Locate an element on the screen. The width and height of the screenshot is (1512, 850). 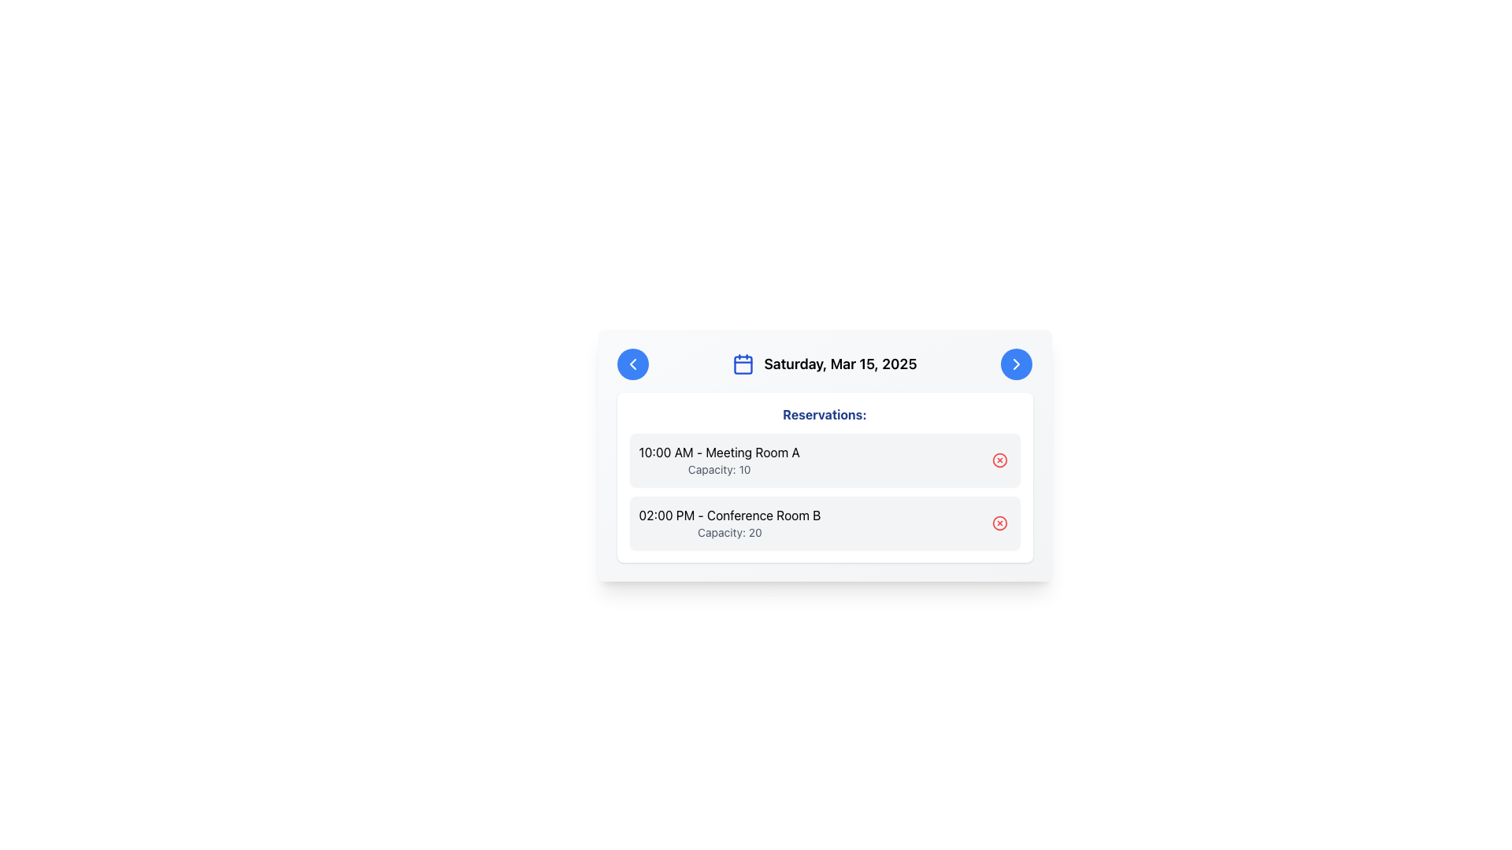
the backward navigation button icon located at the top-left corner of the card interface is located at coordinates (632, 364).